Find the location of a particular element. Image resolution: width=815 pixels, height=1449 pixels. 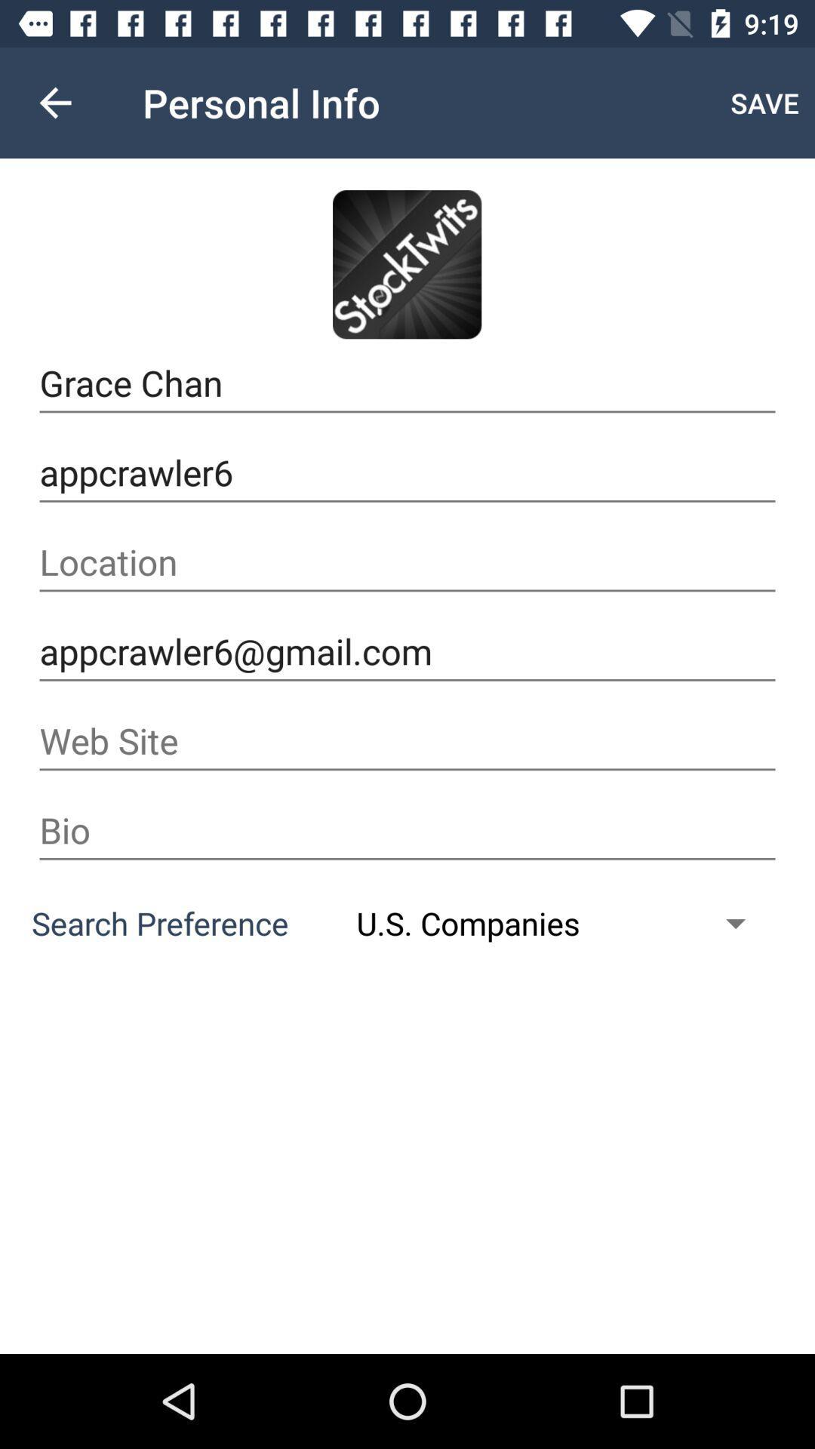

the grace chan item is located at coordinates (407, 383).